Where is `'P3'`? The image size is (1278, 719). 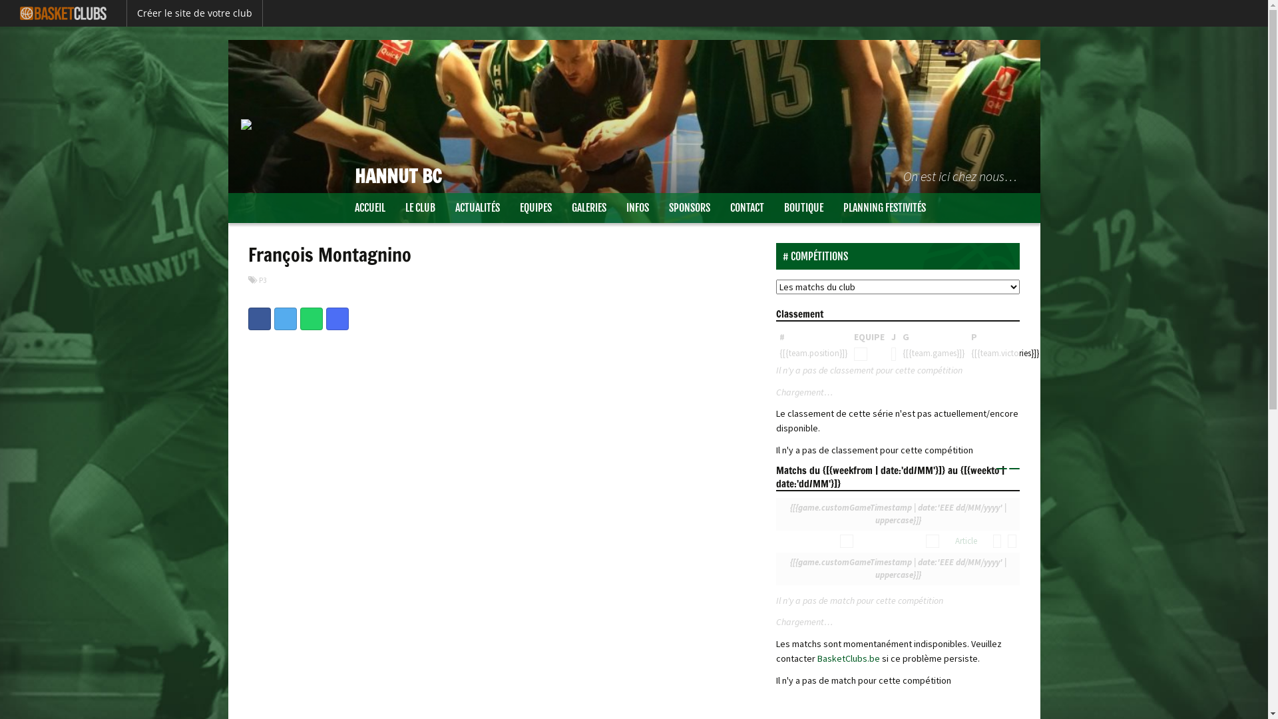
'P3' is located at coordinates (258, 279).